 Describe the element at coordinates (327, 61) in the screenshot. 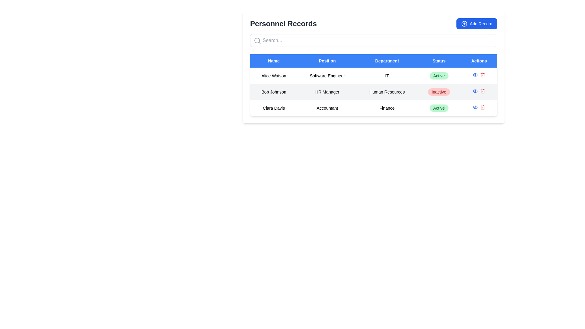

I see `the 'Position' text header in the table, which has a blue background and white centered text, located in the second position among five headers` at that location.